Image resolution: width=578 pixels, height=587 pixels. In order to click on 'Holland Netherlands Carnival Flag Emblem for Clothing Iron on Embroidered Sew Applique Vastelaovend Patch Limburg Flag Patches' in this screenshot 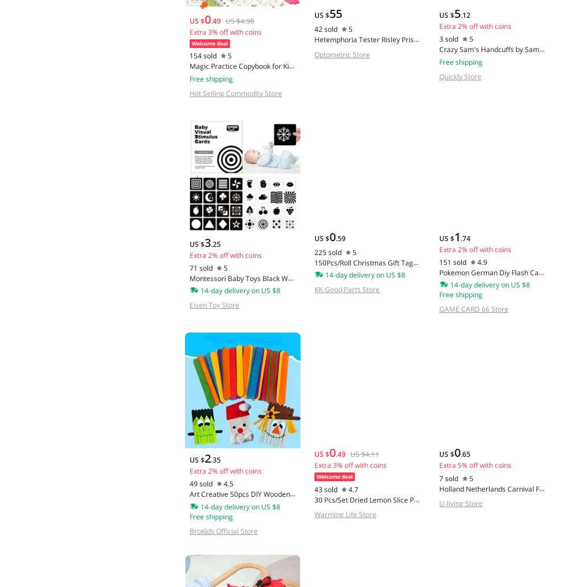, I will do `click(439, 509)`.